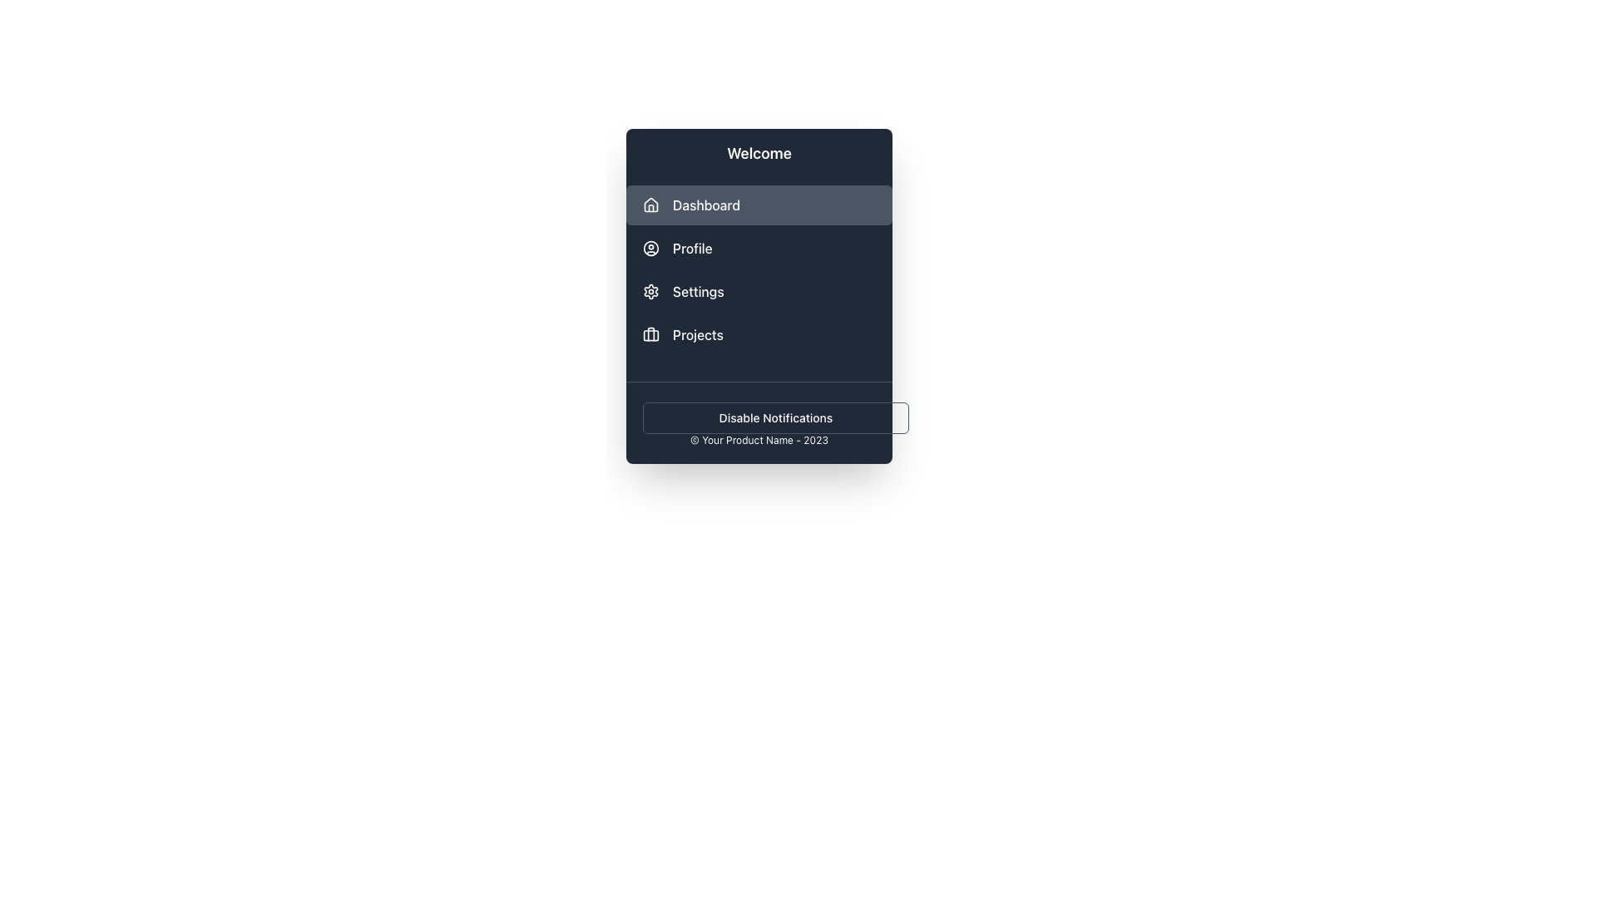 This screenshot has height=898, width=1597. Describe the element at coordinates (698, 334) in the screenshot. I see `the 'Projects' text label located in the sidebar menu, which is styled with a medium-weight font and positioned next to a briefcase icon` at that location.